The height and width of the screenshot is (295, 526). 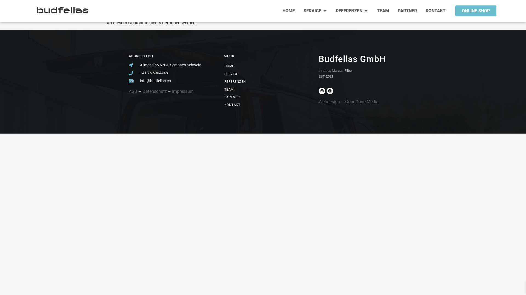 I want to click on 'TEAM', so click(x=218, y=89).